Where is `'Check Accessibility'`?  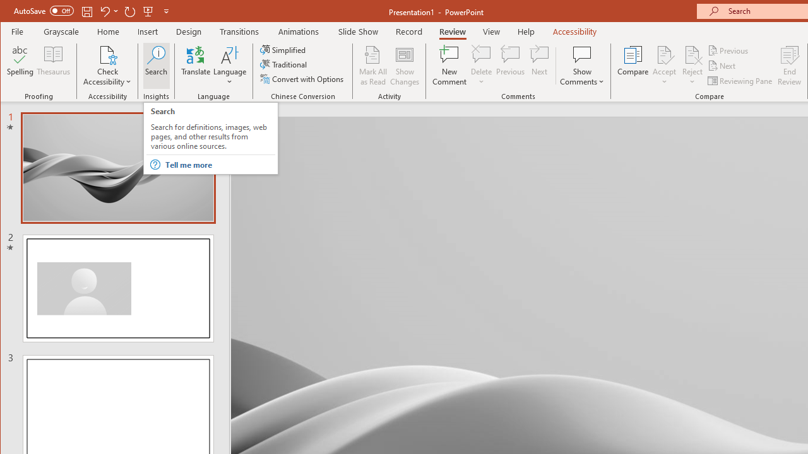
'Check Accessibility' is located at coordinates (107, 54).